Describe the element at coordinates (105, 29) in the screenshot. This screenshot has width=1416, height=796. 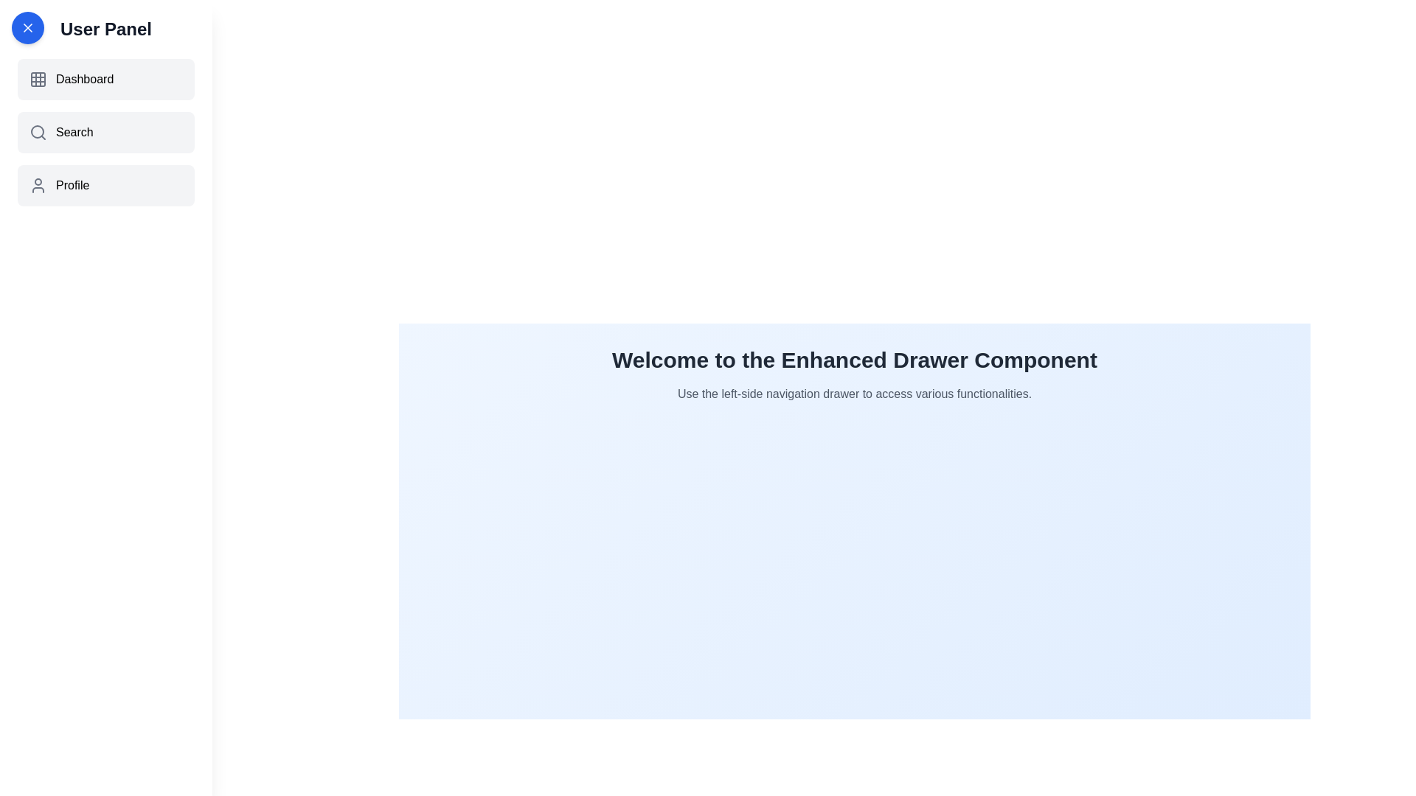
I see `'User Panel' heading text at the top of the sidebar interface to understand its purpose` at that location.